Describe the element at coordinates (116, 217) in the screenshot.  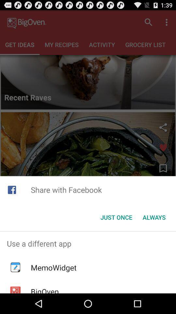
I see `the button next to the always button` at that location.